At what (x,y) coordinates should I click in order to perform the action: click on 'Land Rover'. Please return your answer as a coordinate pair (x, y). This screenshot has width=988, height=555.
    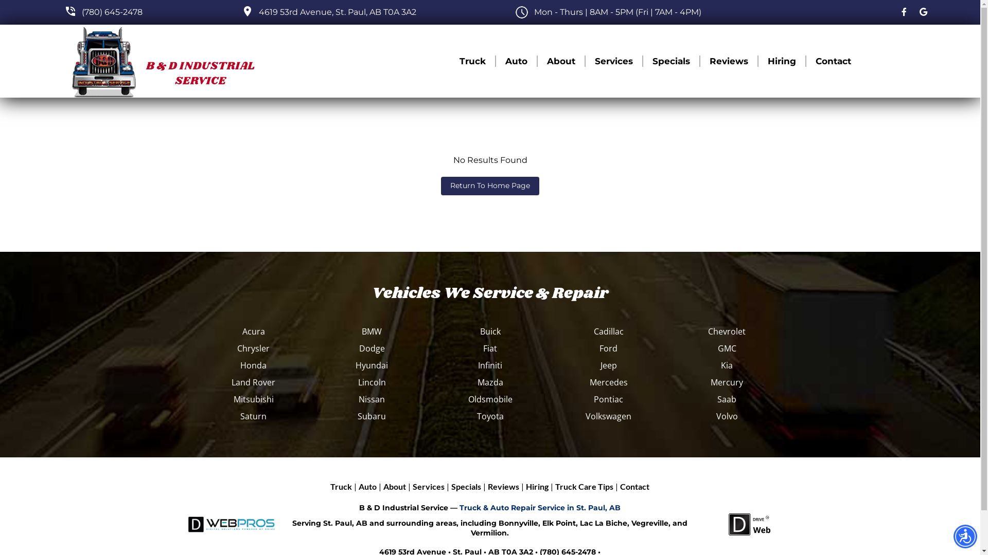
    Looking at the image, I should click on (254, 382).